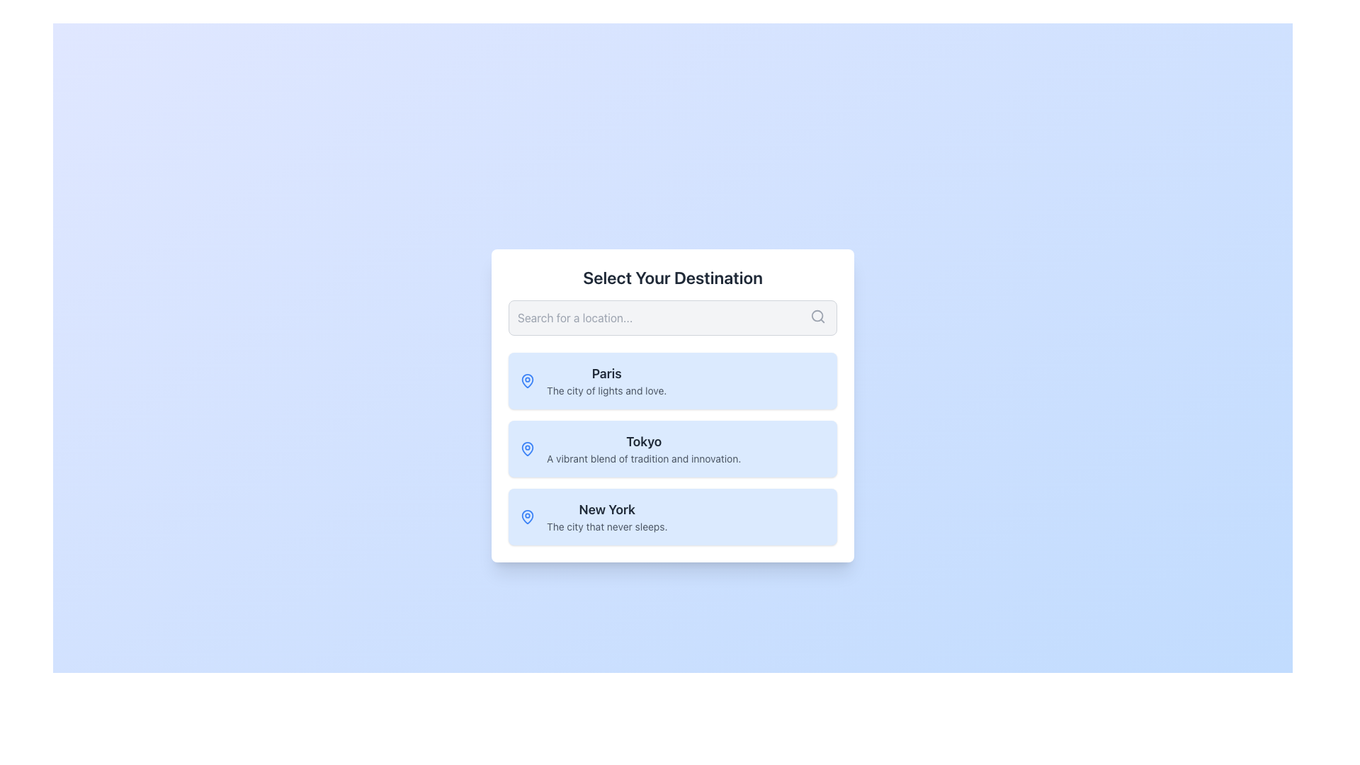 Image resolution: width=1360 pixels, height=765 pixels. I want to click on the text label indicating the destination 'Paris', which is the first selectable option in the list under 'Select Your Destination', so click(606, 373).